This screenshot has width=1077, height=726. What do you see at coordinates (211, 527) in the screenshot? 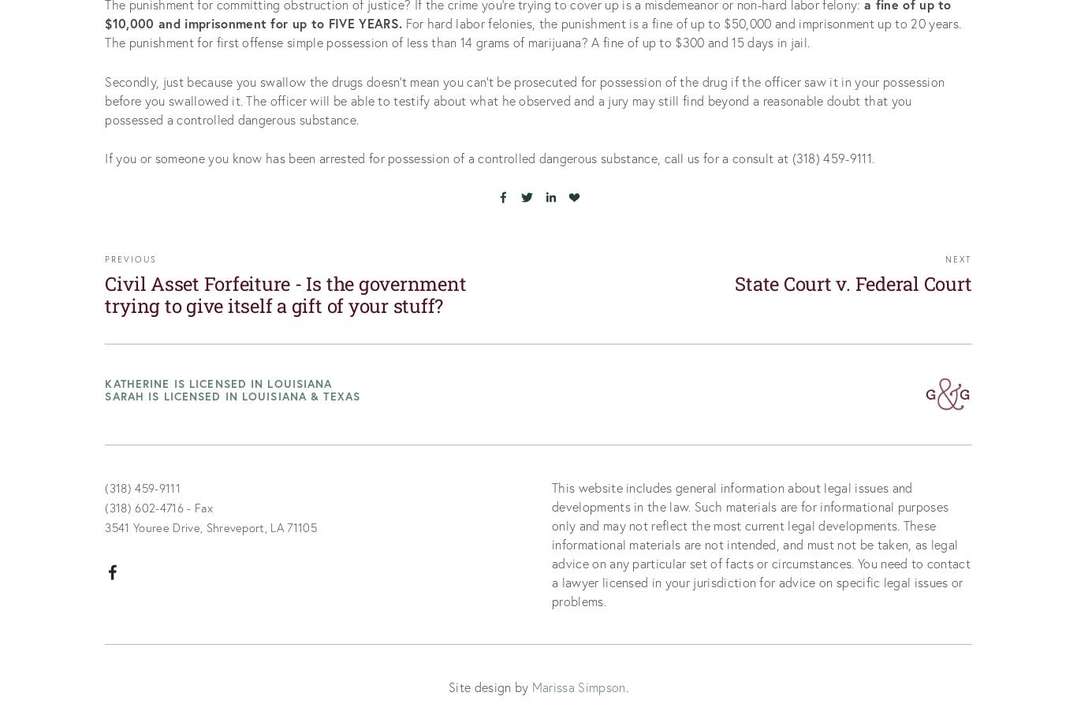
I see `'3541 Youree Drive, Shreveport, LA 71105'` at bounding box center [211, 527].